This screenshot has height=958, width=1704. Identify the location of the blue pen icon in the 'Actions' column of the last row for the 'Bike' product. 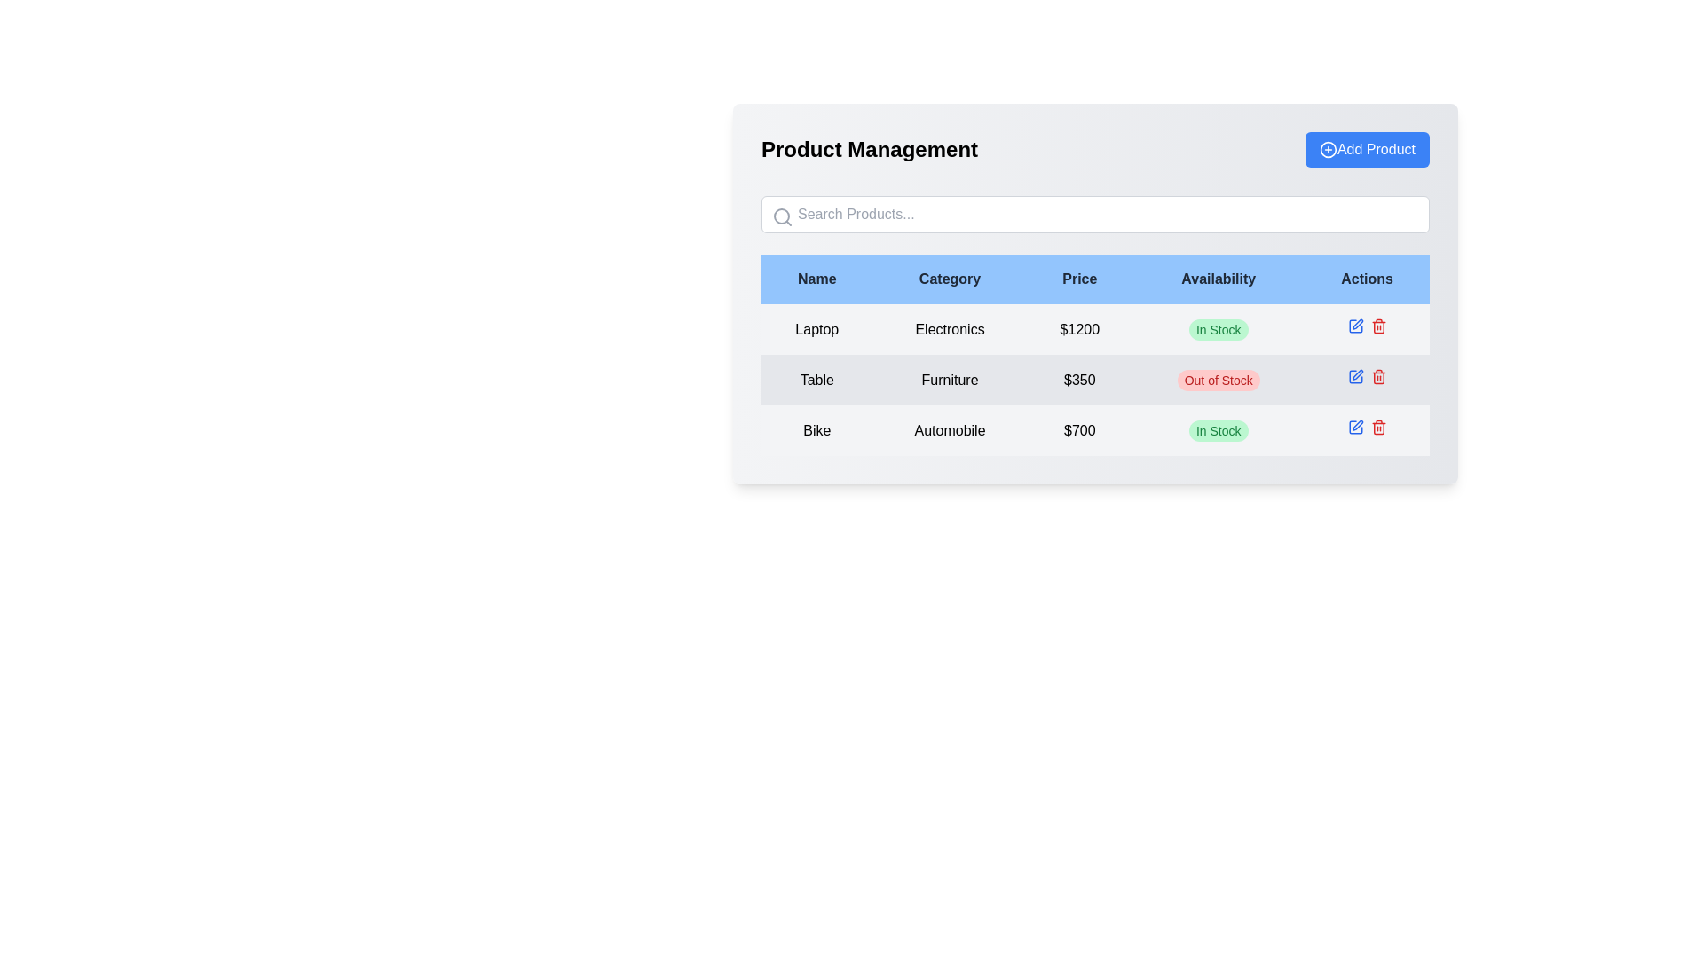
(1354, 428).